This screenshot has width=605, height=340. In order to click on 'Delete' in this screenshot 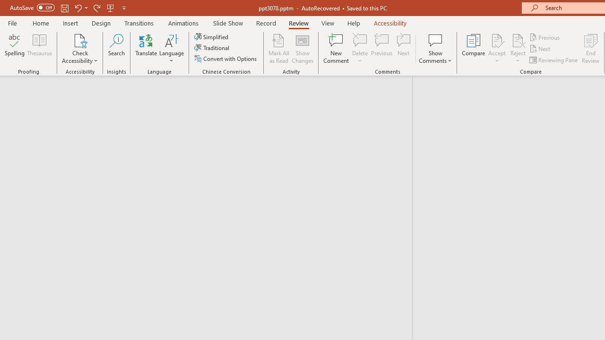, I will do `click(360, 40)`.